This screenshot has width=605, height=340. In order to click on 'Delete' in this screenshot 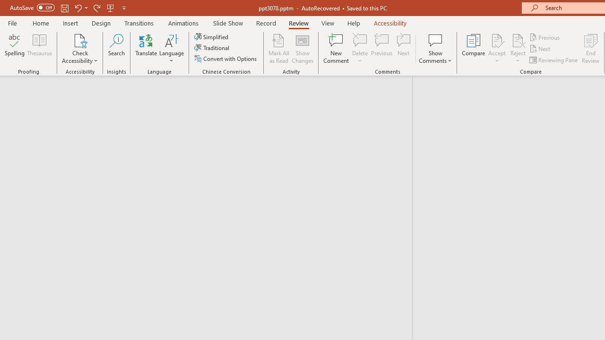, I will do `click(360, 40)`.